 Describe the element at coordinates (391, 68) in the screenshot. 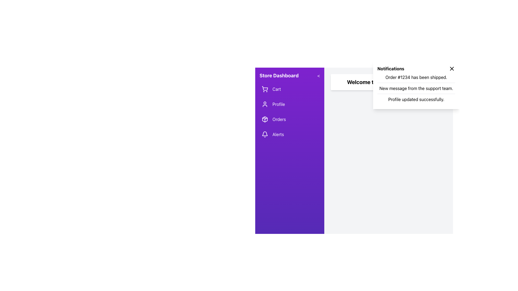

I see `bold text label 'Notifications' located at the top-left of the popup overlay` at that location.